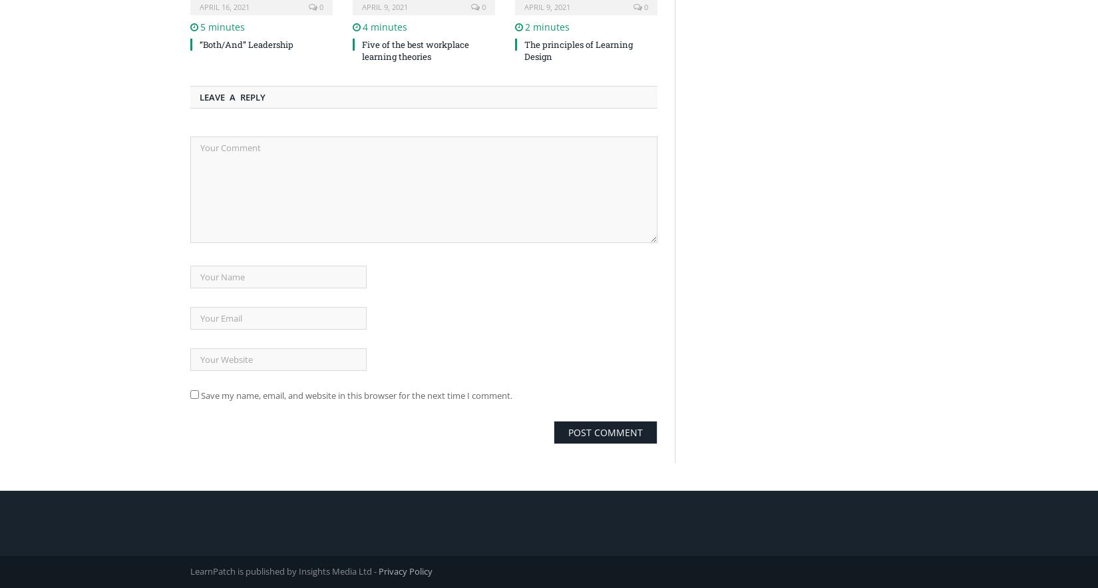 The image size is (1098, 588). Describe the element at coordinates (415, 50) in the screenshot. I see `'Five of the best workplace learning theories'` at that location.